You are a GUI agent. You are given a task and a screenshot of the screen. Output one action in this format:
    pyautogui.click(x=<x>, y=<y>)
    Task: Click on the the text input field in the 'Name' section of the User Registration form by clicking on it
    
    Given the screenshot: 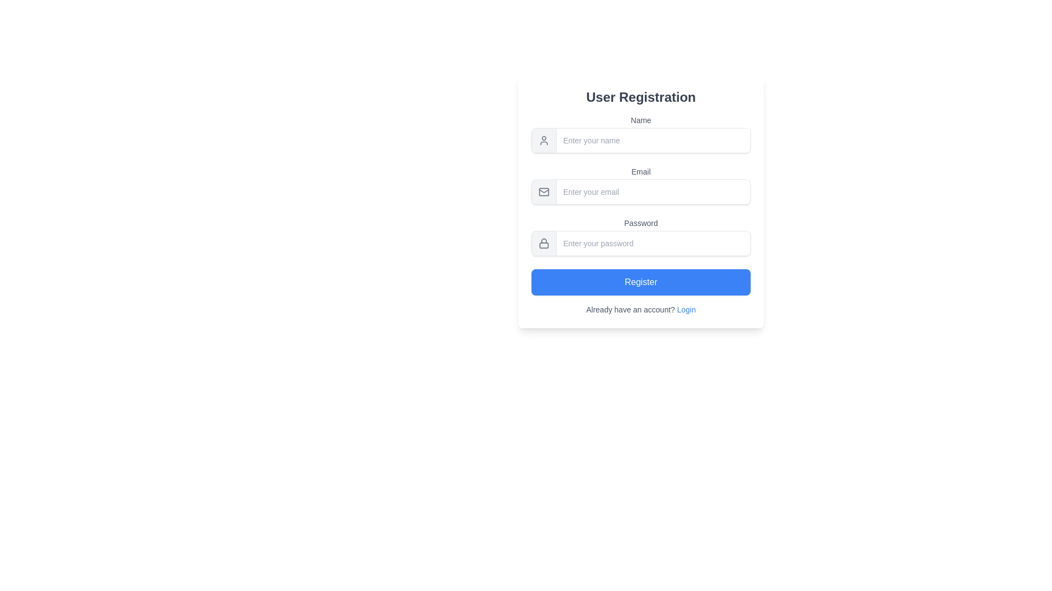 What is the action you would take?
    pyautogui.click(x=641, y=140)
    